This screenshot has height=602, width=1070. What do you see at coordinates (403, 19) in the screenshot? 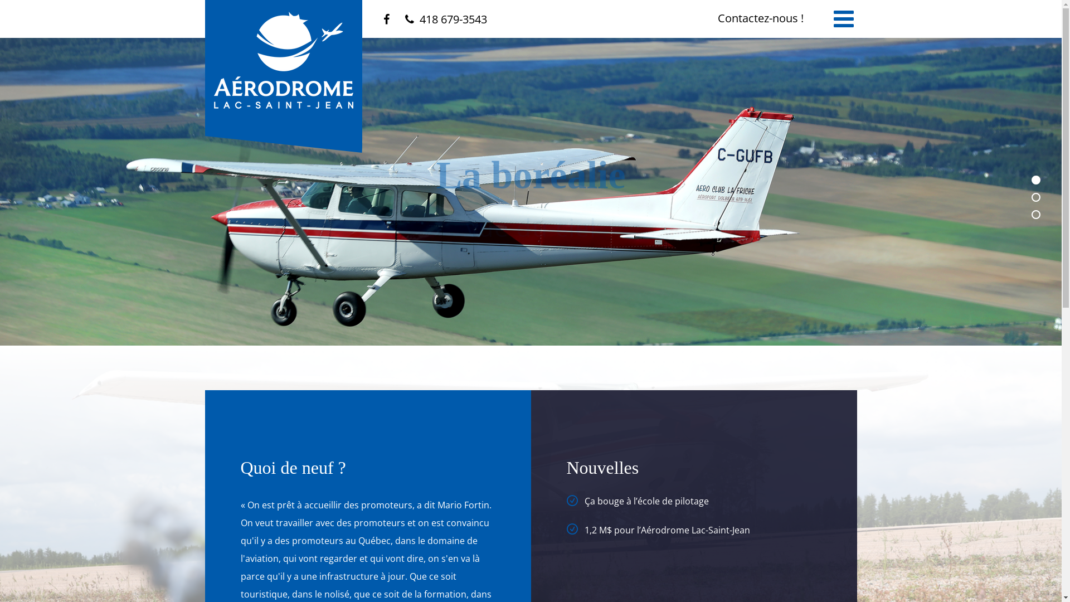
I see `'418 679-3543'` at bounding box center [403, 19].